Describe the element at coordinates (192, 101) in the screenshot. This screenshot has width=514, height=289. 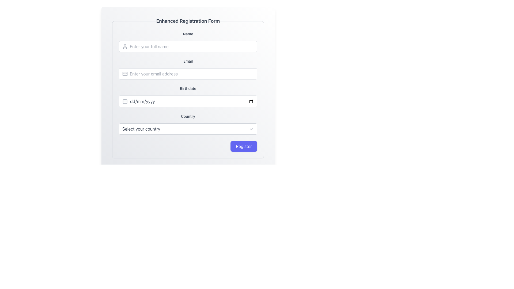
I see `the Date Input Field` at that location.